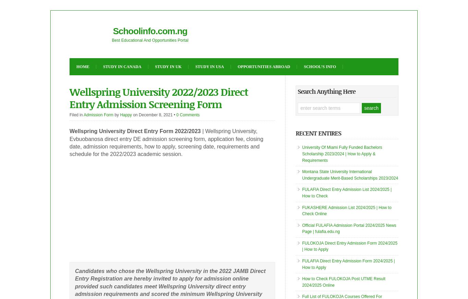 The height and width of the screenshot is (299, 468). I want to click on 'FULAFIA Direct Entry Admission Form 2024/2025 | How to Apply', so click(348, 264).